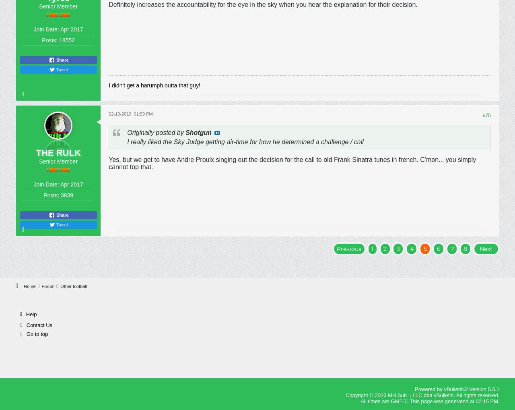 This screenshot has width=515, height=410. Describe the element at coordinates (424, 248) in the screenshot. I see `'5'` at that location.